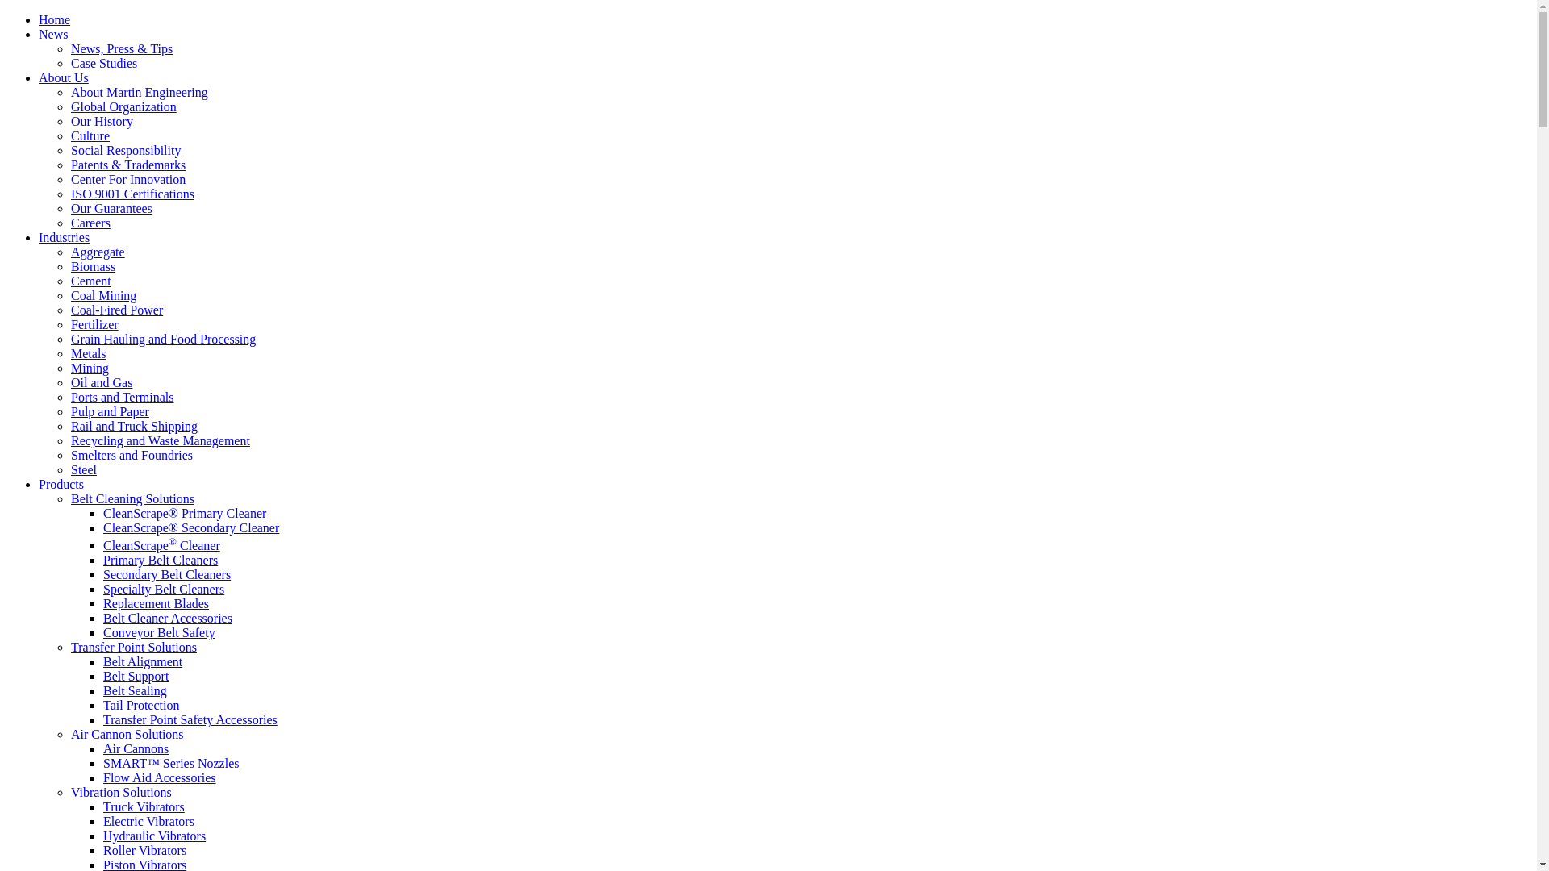 The height and width of the screenshot is (871, 1549). What do you see at coordinates (148, 821) in the screenshot?
I see `'Electric Vibrators'` at bounding box center [148, 821].